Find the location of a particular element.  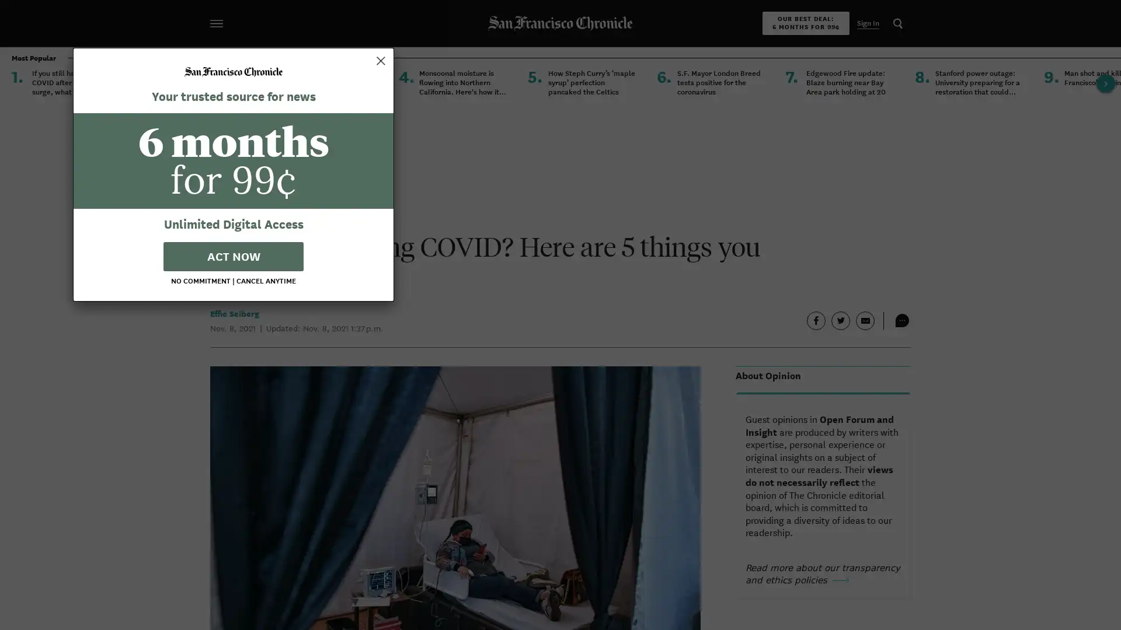

navigation is located at coordinates (216, 23).